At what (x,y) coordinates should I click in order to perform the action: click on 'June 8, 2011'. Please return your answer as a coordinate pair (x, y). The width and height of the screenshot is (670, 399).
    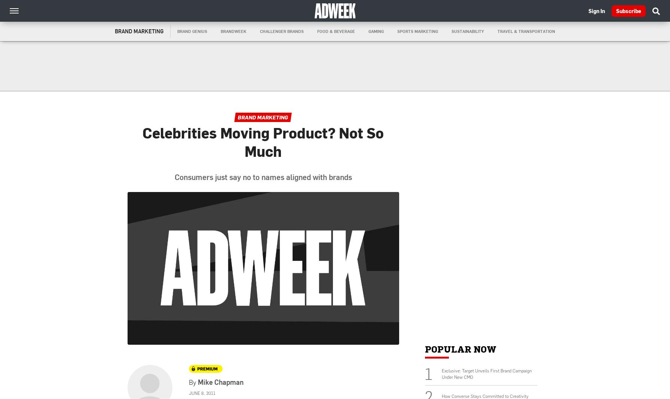
    Looking at the image, I should click on (202, 393).